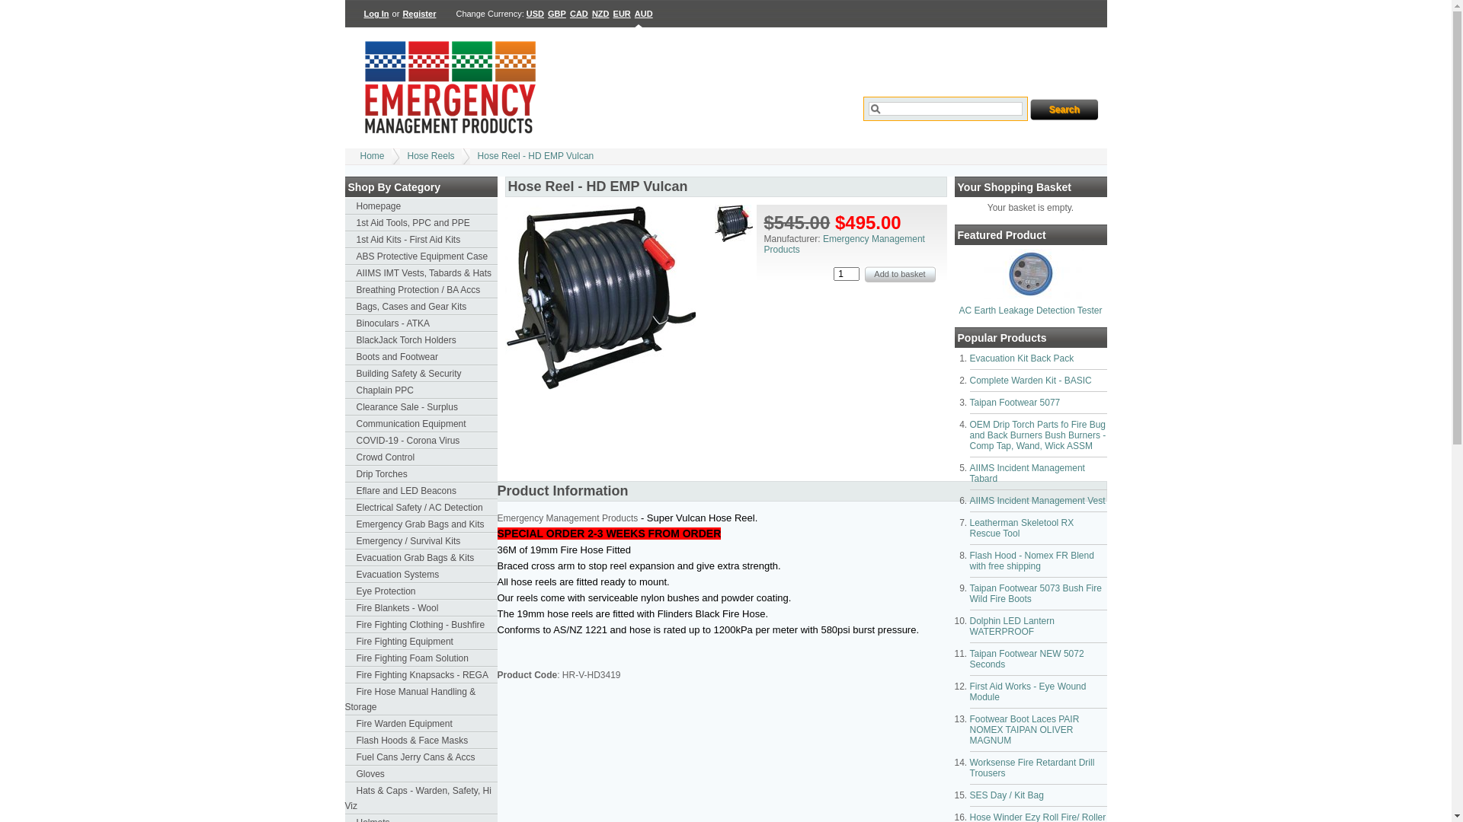 The height and width of the screenshot is (822, 1463). I want to click on 'Evacuation Grab Bags & Kits', so click(421, 557).